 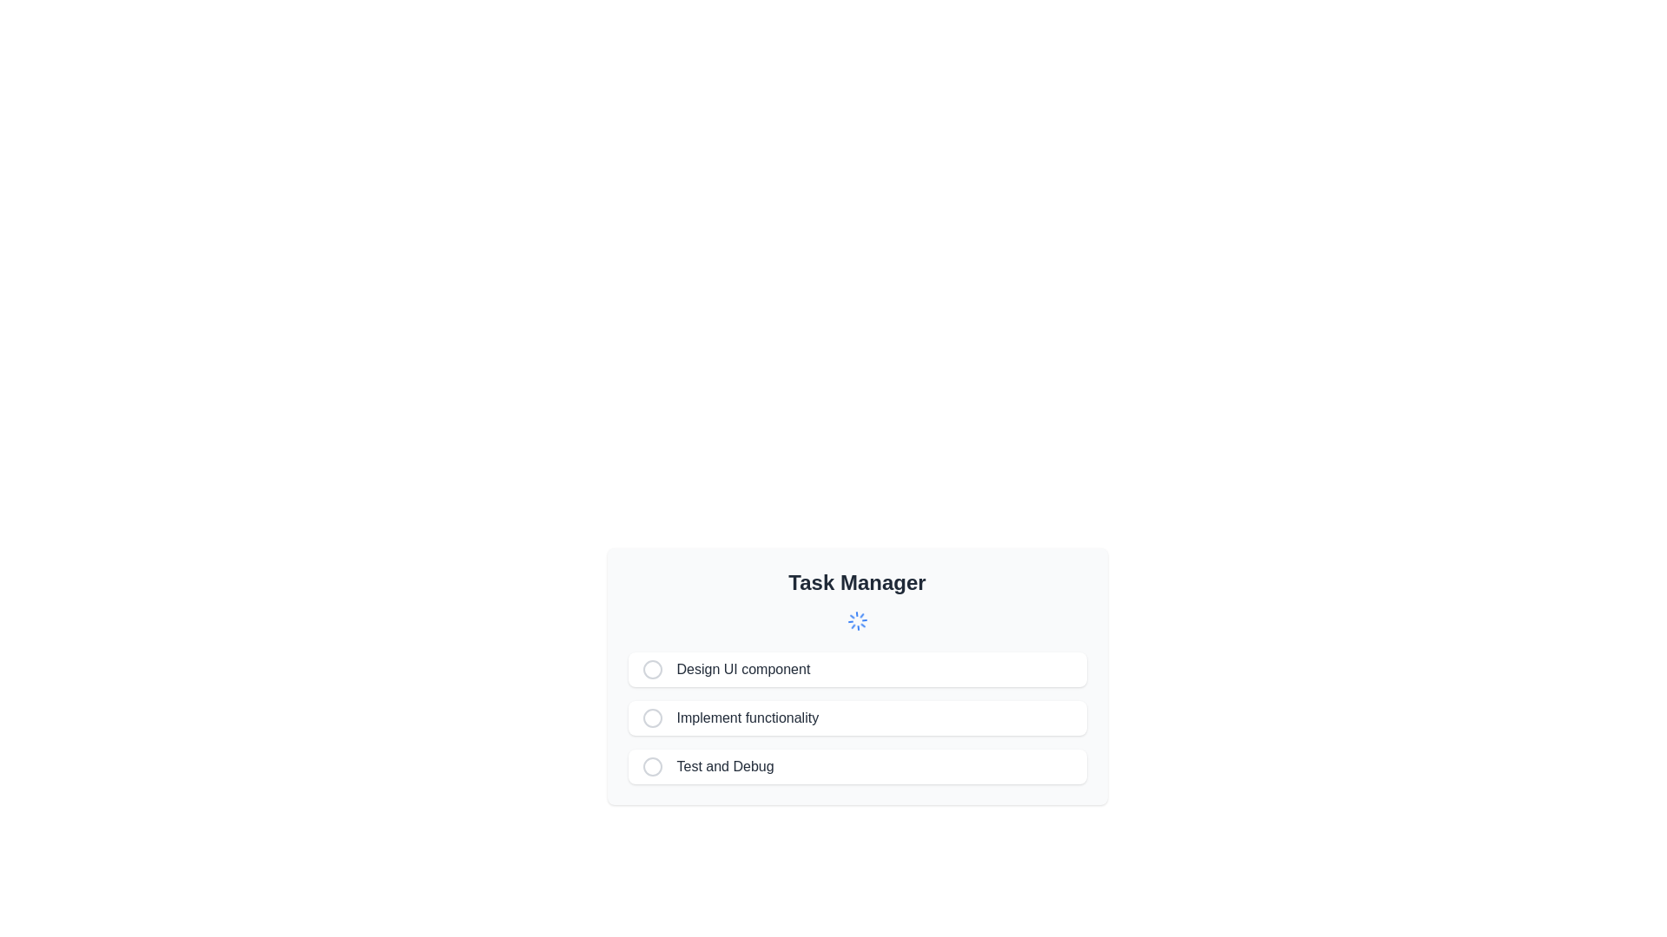 What do you see at coordinates (651, 718) in the screenshot?
I see `the circular area of the unchecked checkbox` at bounding box center [651, 718].